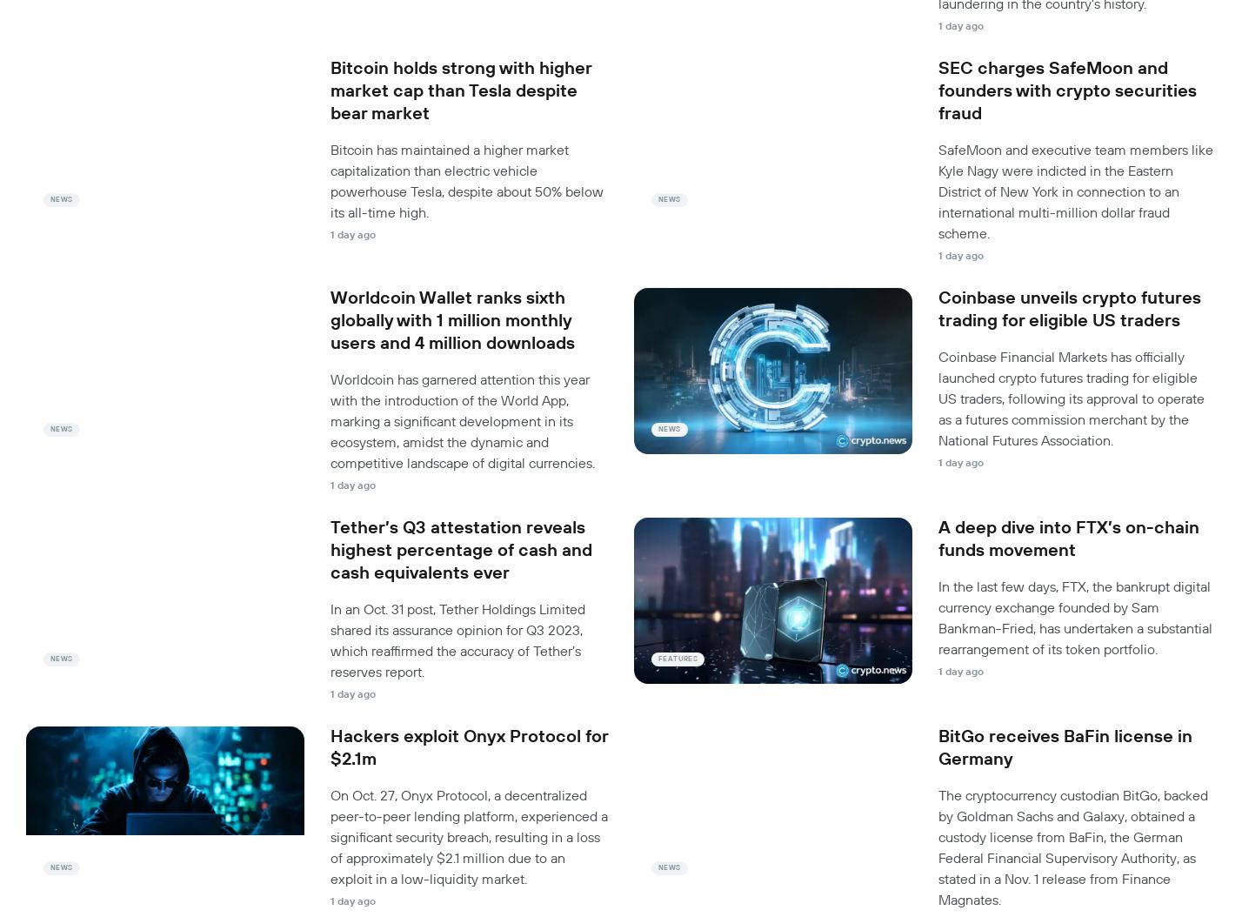  I want to click on 'SafeMoon and executive team members like Kyle Nagy were indicted in the Eastern District of New York in connection to an international multi-million dollar fraud scheme.', so click(1075, 191).